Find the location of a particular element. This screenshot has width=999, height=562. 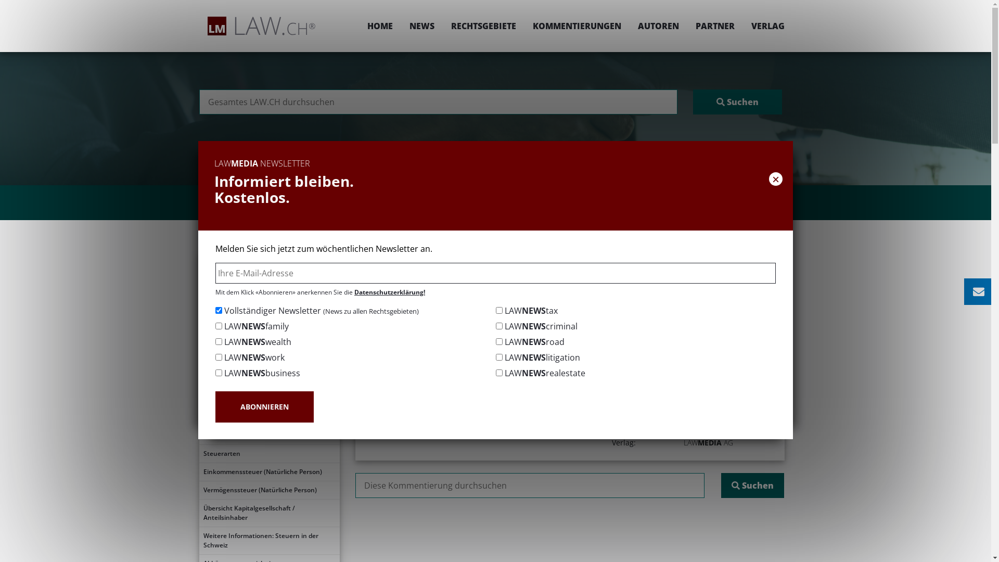

'Suchen nach:' is located at coordinates (438, 102).